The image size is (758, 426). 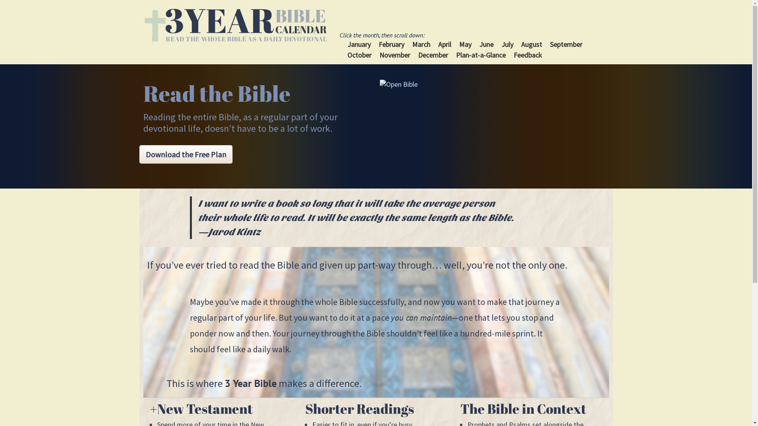 What do you see at coordinates (486, 44) in the screenshot?
I see `'June'` at bounding box center [486, 44].